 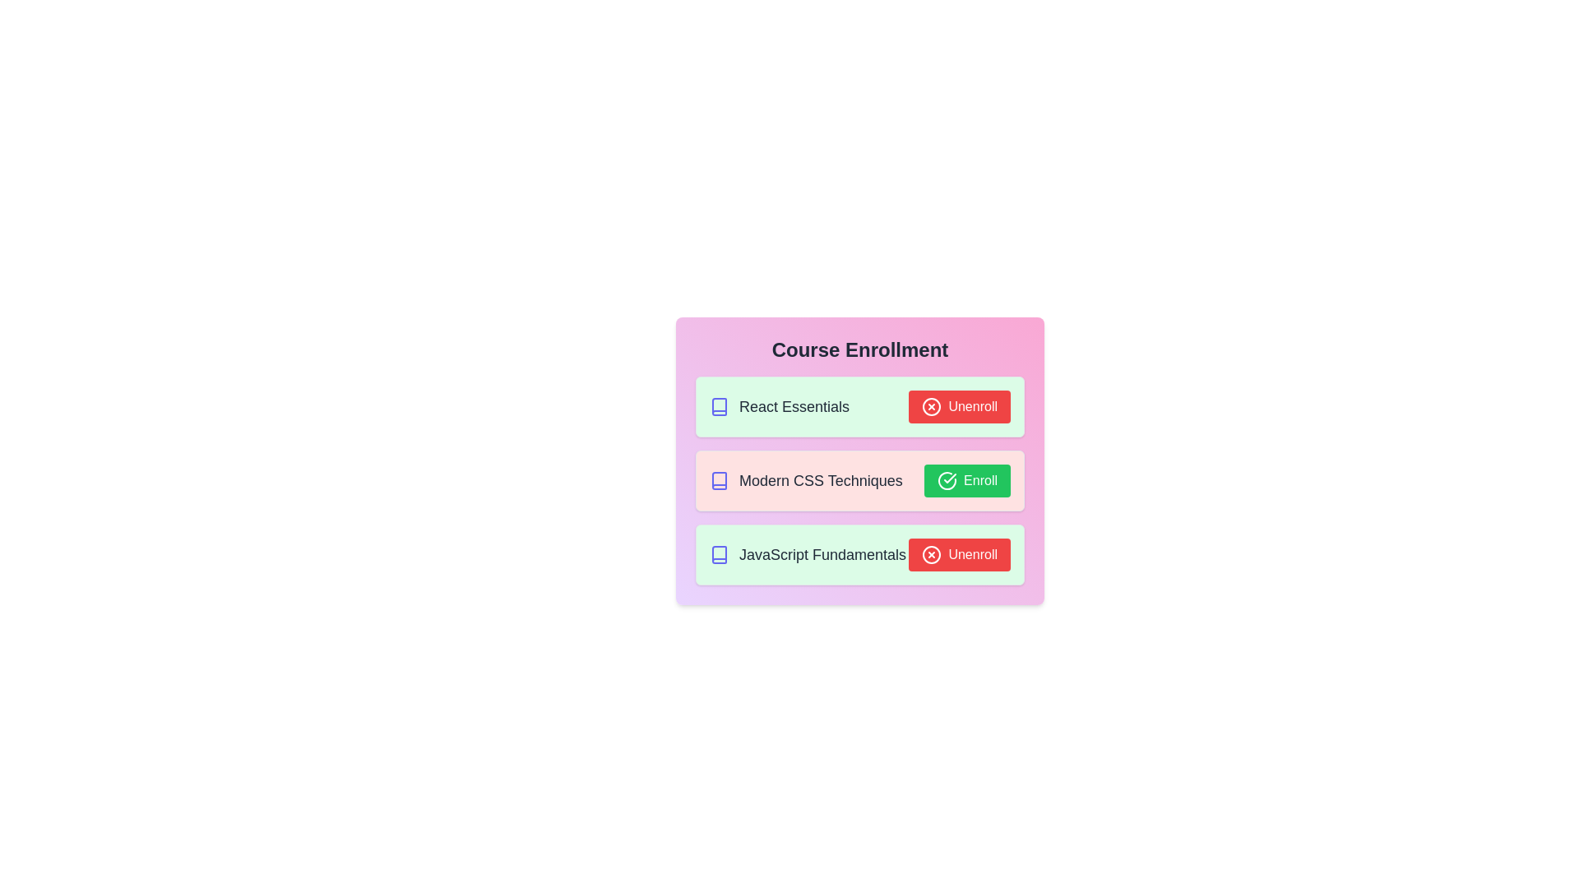 I want to click on the text segment React Essentials within the component, so click(x=779, y=406).